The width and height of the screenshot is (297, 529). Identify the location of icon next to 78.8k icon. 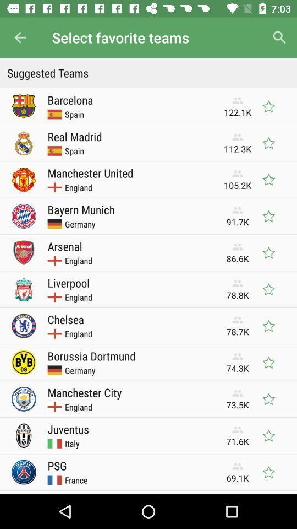
(68, 282).